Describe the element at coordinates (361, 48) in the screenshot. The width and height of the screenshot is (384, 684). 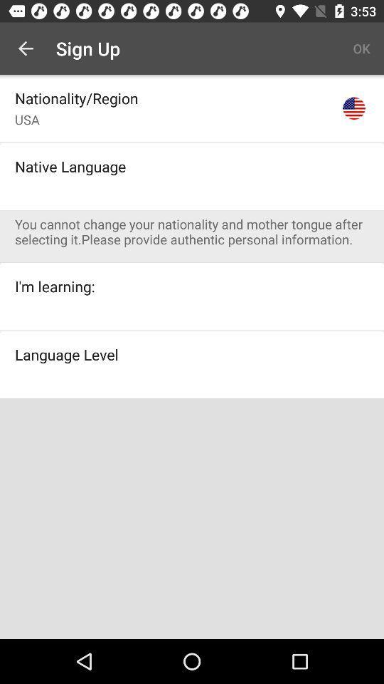
I see `ok item` at that location.